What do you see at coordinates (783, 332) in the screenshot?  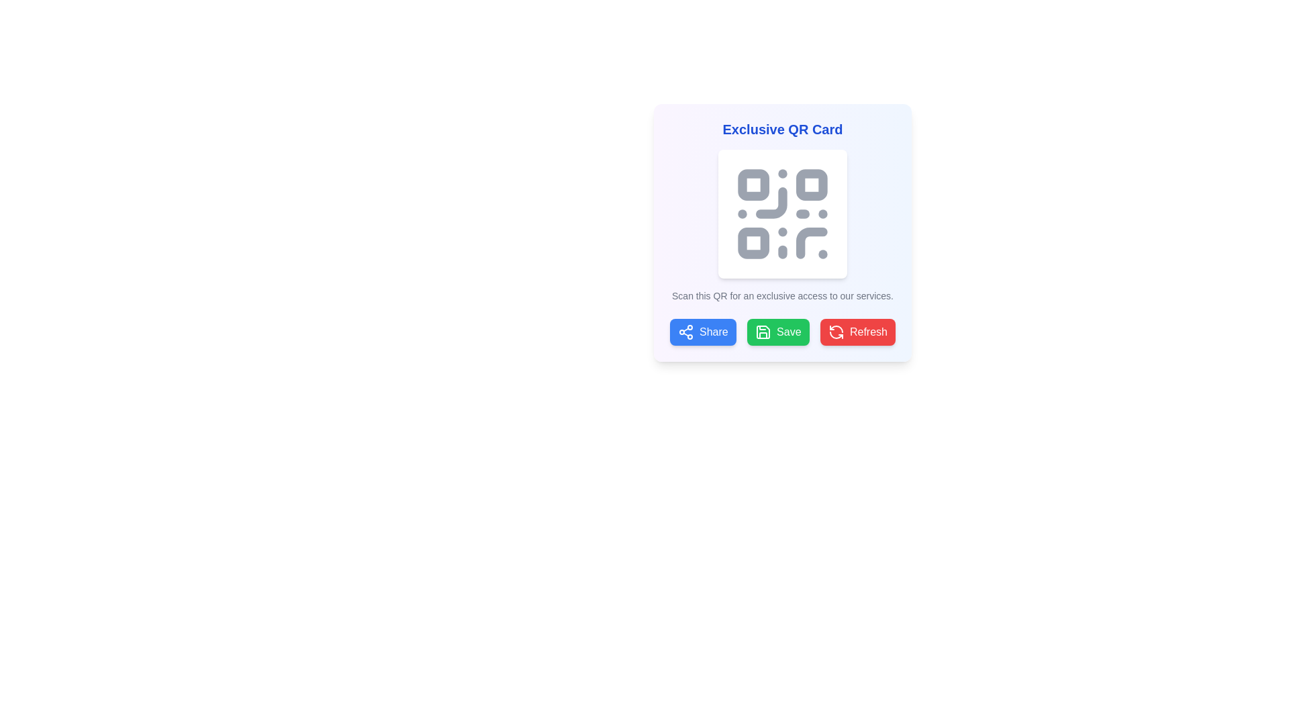 I see `the 'Save' button, which is a green rectangular button with white text and a floppy disk icon, located at the bottom of the 'Exclusive QR Card'` at bounding box center [783, 332].